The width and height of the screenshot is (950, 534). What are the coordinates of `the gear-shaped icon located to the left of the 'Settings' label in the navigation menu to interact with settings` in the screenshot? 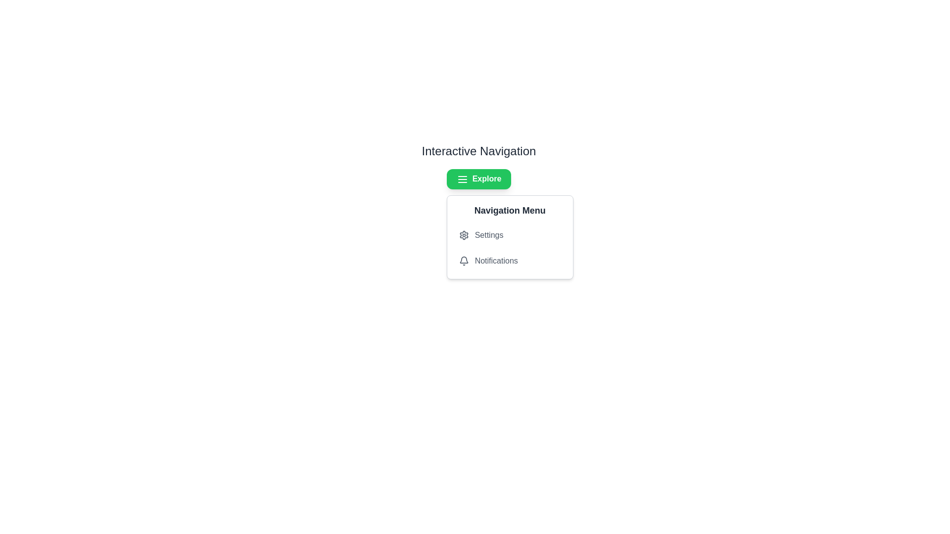 It's located at (463, 235).